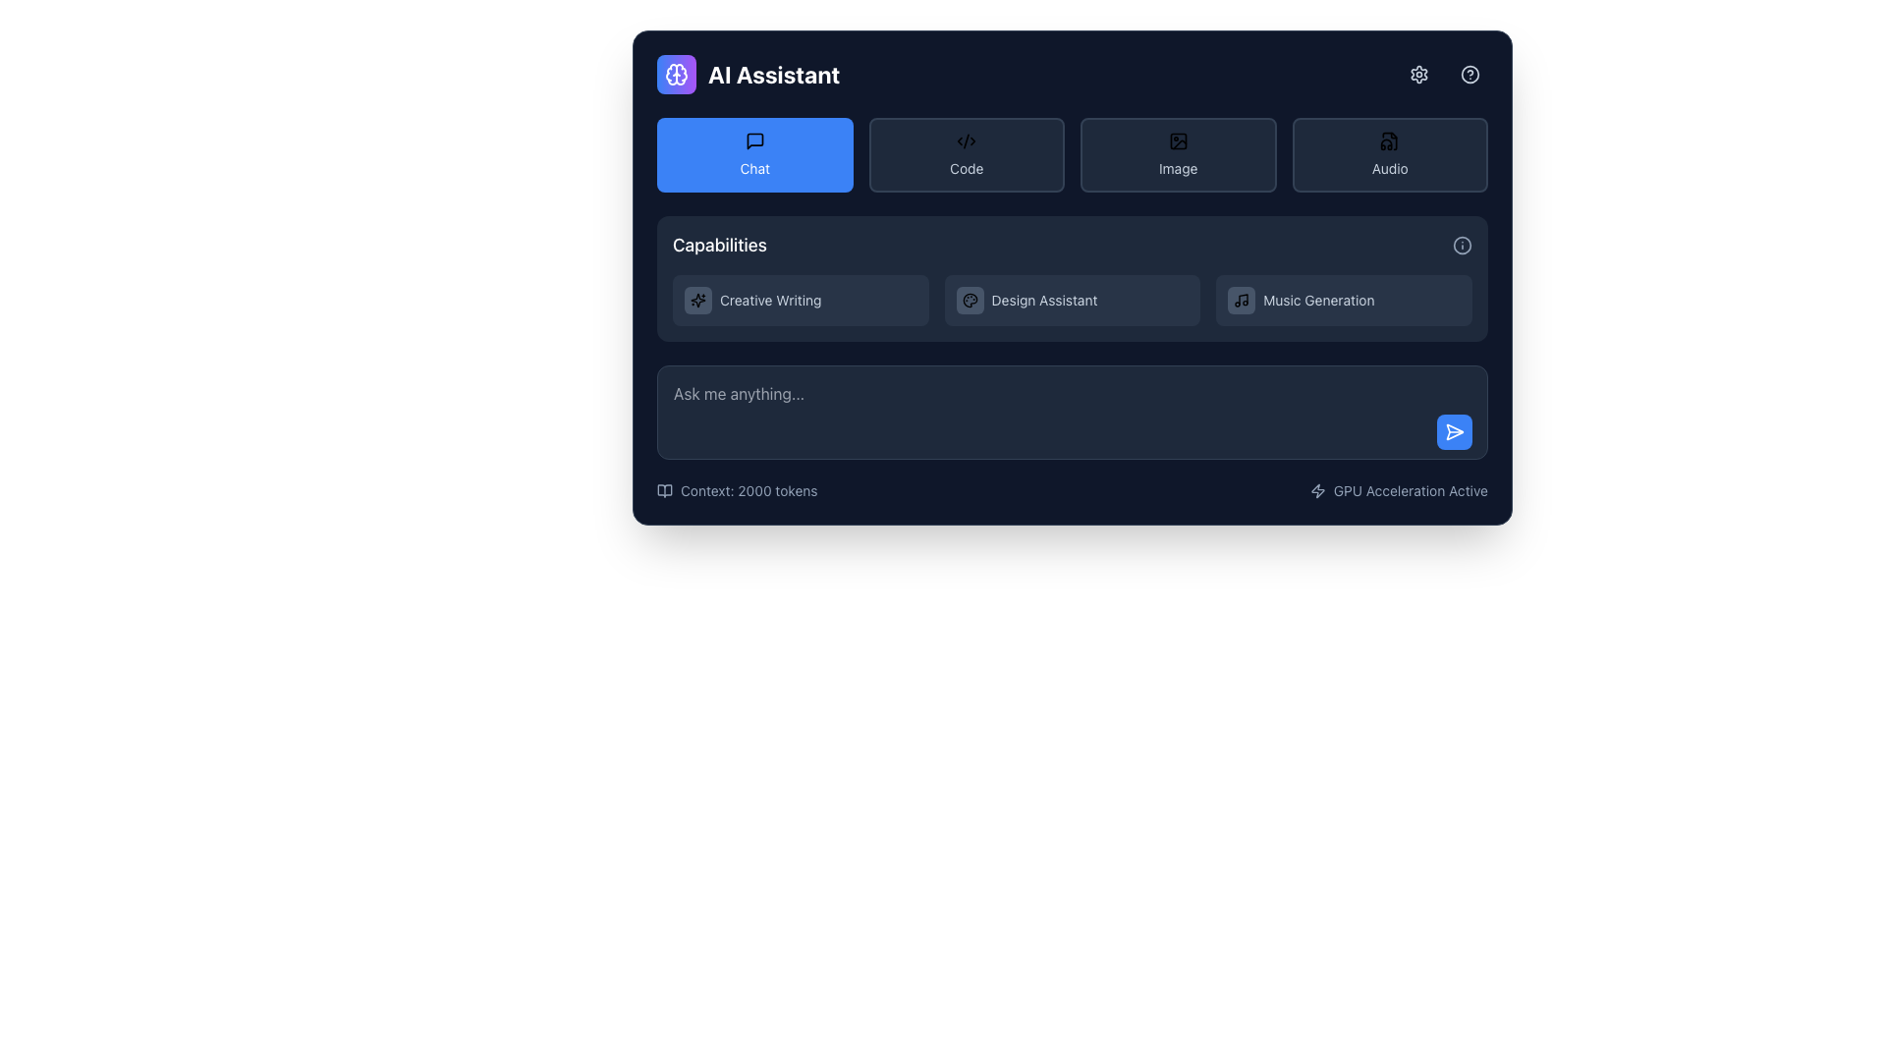 This screenshot has width=1886, height=1061. I want to click on the third clickable card element in the grid layout that provides access to music generation functionalities, so click(1343, 300).